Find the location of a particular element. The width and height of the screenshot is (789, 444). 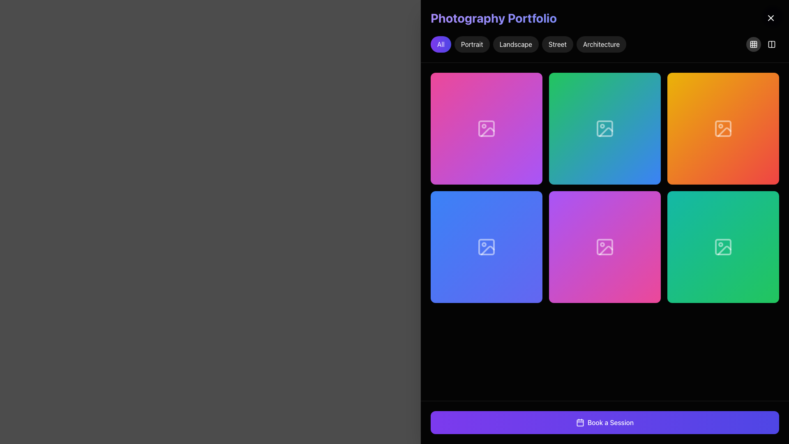

the first item in the gallery of the 'Photography Portfolio' section is located at coordinates (487, 128).